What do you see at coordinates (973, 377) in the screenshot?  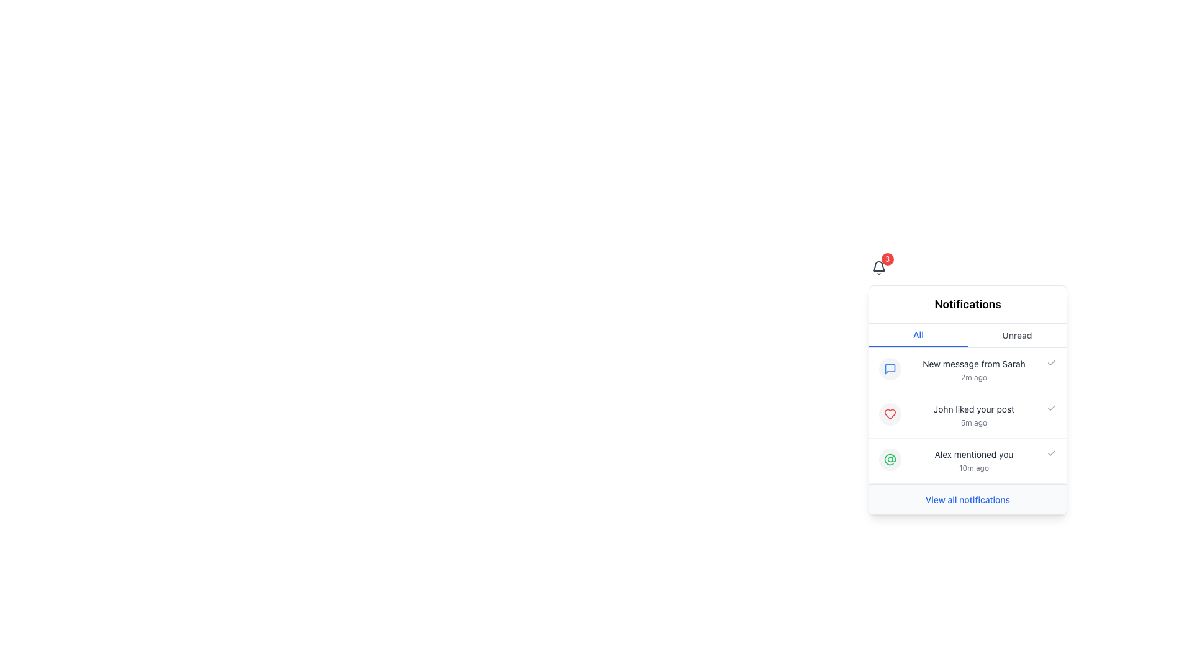 I see `the text label displaying '2m ago', which is a smaller gray font located below the main text 'New message from Sarah'` at bounding box center [973, 377].